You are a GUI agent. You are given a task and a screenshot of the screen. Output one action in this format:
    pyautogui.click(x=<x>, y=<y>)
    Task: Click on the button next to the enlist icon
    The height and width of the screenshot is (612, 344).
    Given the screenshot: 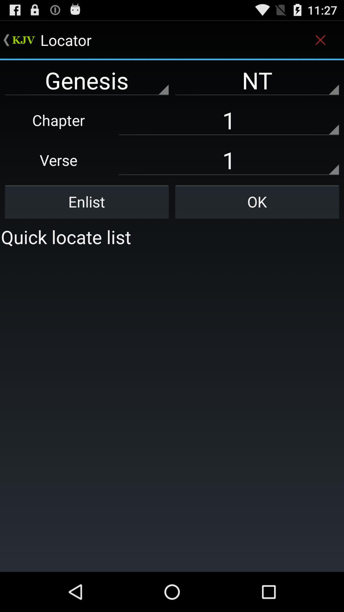 What is the action you would take?
    pyautogui.click(x=257, y=201)
    